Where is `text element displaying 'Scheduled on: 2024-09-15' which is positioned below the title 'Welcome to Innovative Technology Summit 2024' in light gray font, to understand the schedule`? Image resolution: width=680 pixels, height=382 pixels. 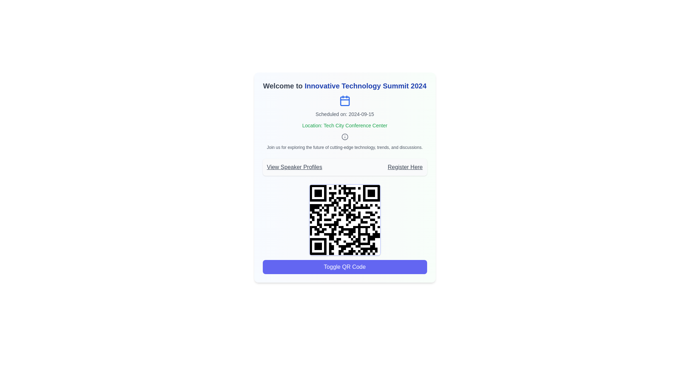 text element displaying 'Scheduled on: 2024-09-15' which is positioned below the title 'Welcome to Innovative Technology Summit 2024' in light gray font, to understand the schedule is located at coordinates (345, 114).